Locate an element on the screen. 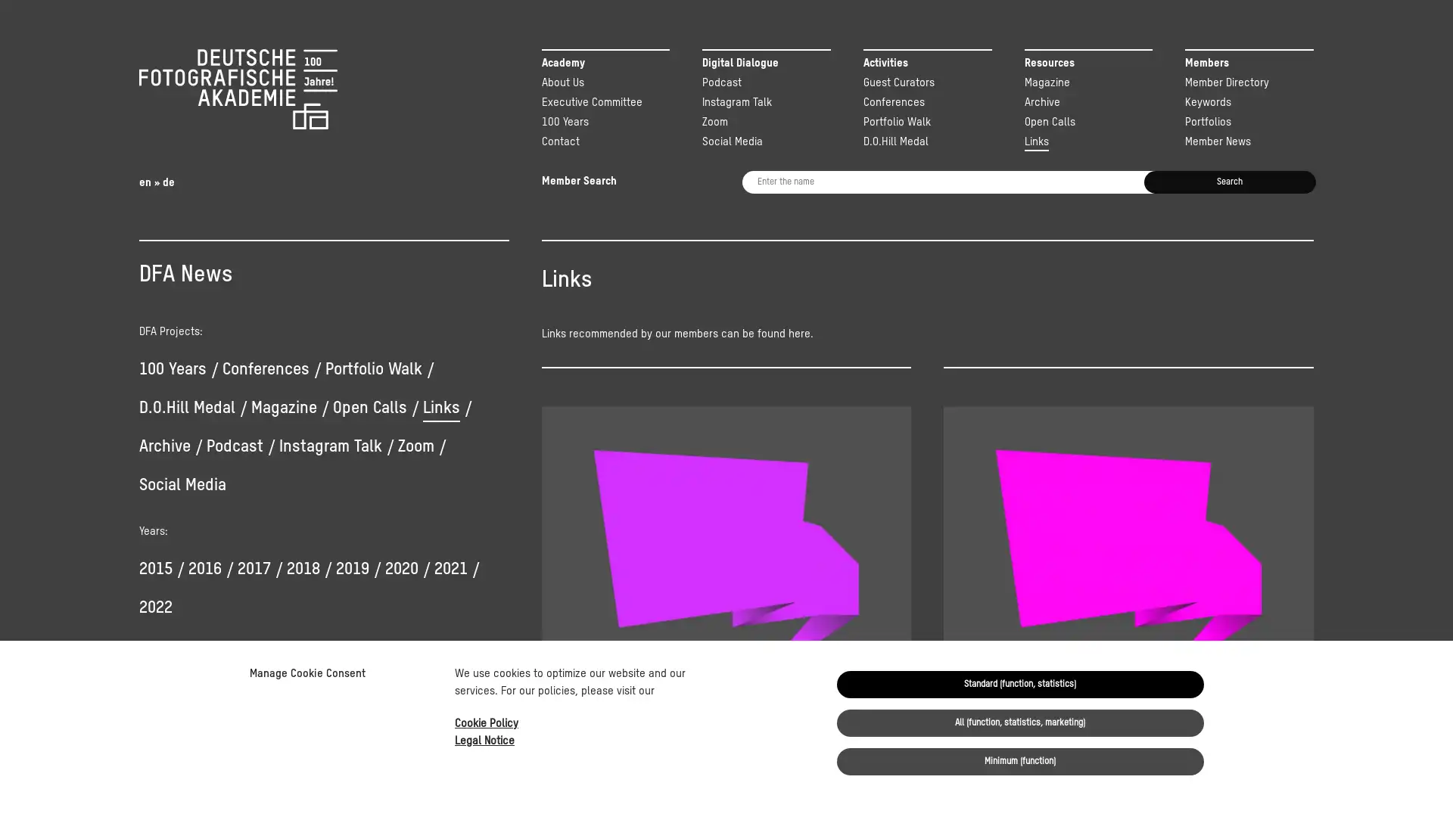  2021 is located at coordinates (450, 569).